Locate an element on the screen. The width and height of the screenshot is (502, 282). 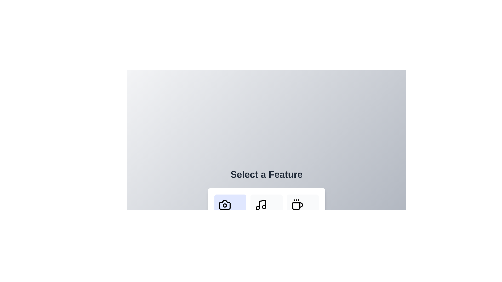
the leftmost button labeled 'Photography' that features a black camera icon above the text, highlighting it for interaction is located at coordinates (230, 209).